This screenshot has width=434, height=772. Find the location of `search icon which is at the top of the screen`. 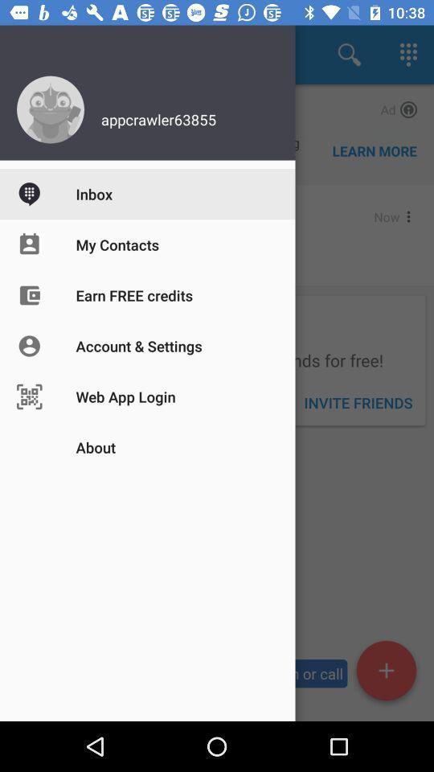

search icon which is at the top of the screen is located at coordinates (349, 55).